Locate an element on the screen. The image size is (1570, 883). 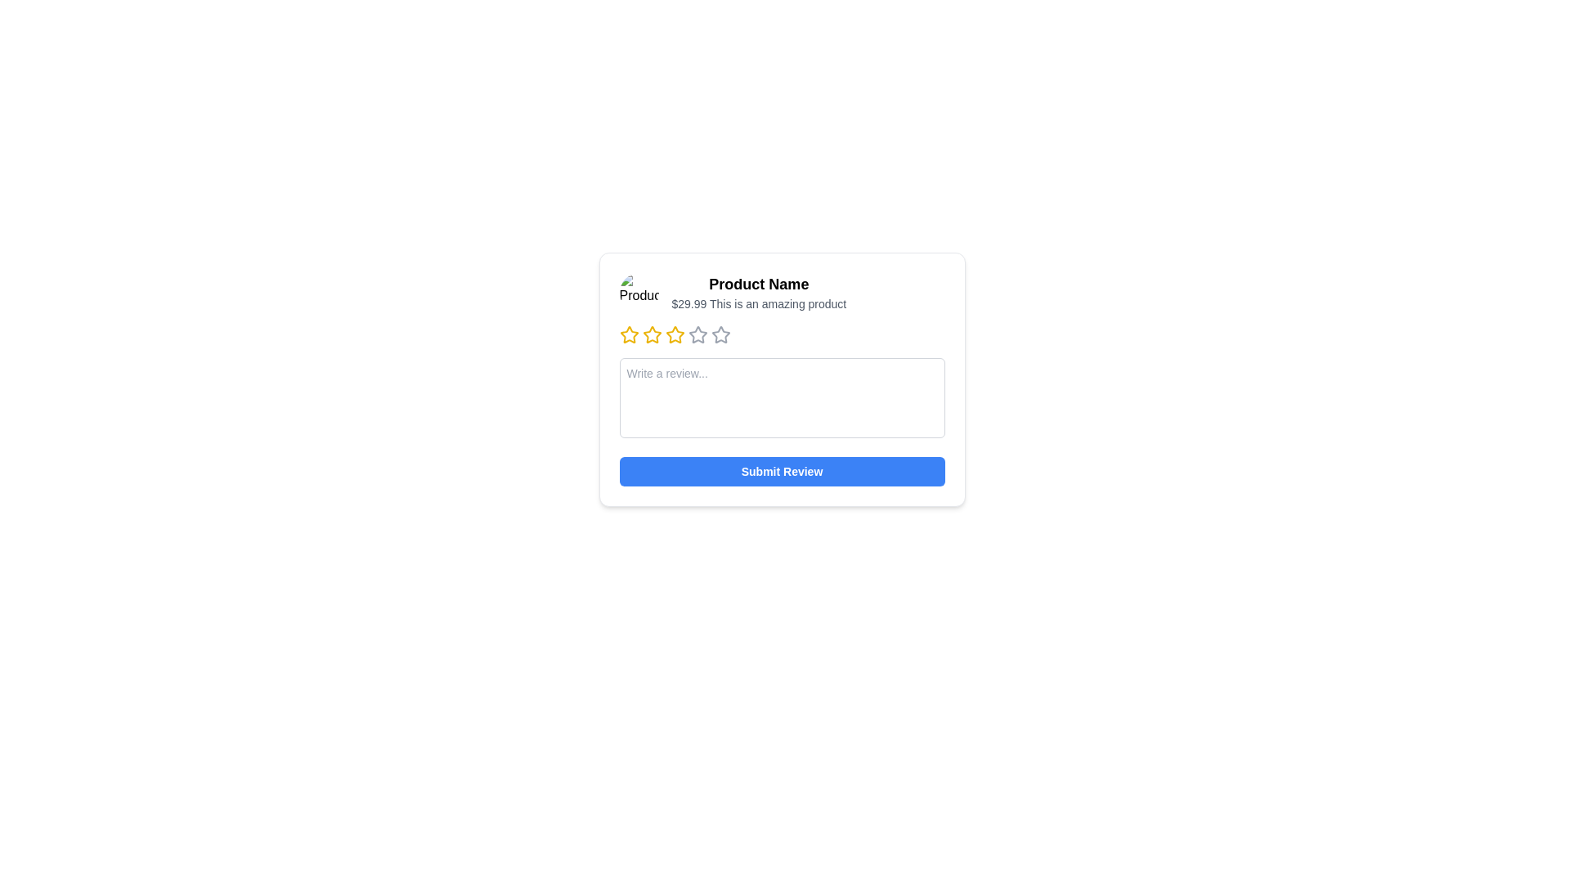
the third yellow outlined star icon in the rating system is located at coordinates (675, 334).